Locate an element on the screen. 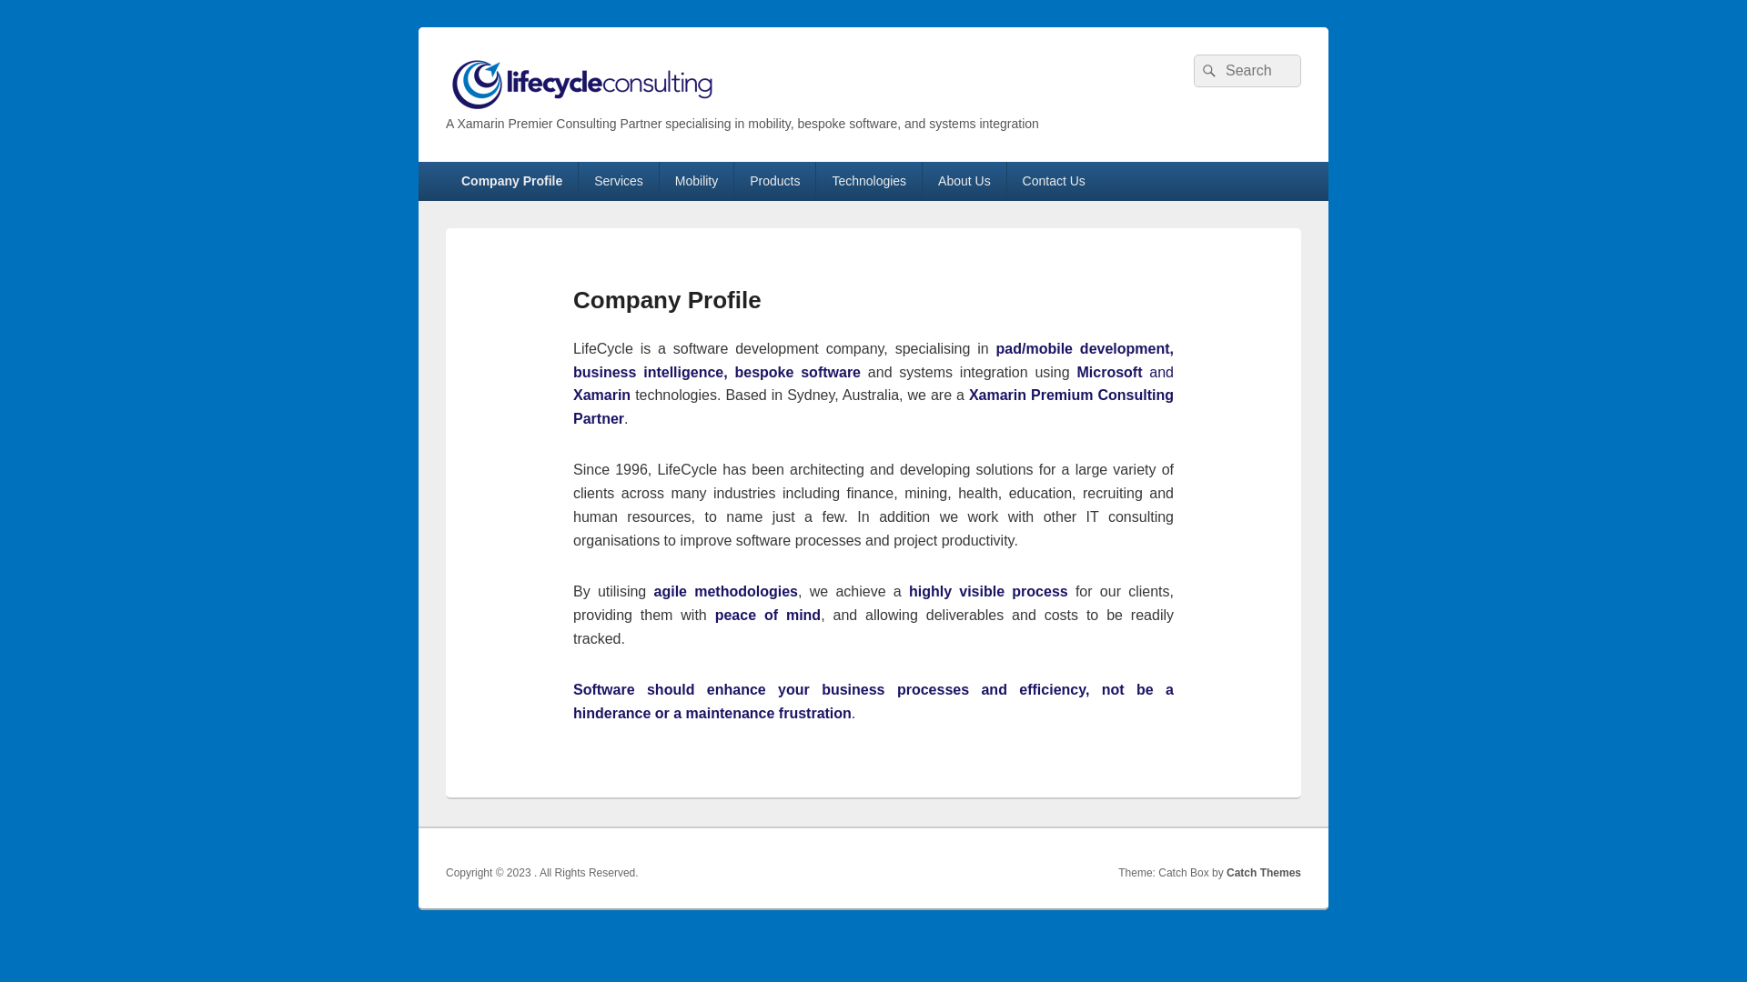 Image resolution: width=1747 pixels, height=982 pixels. 'Contact Us' is located at coordinates (1054, 181).